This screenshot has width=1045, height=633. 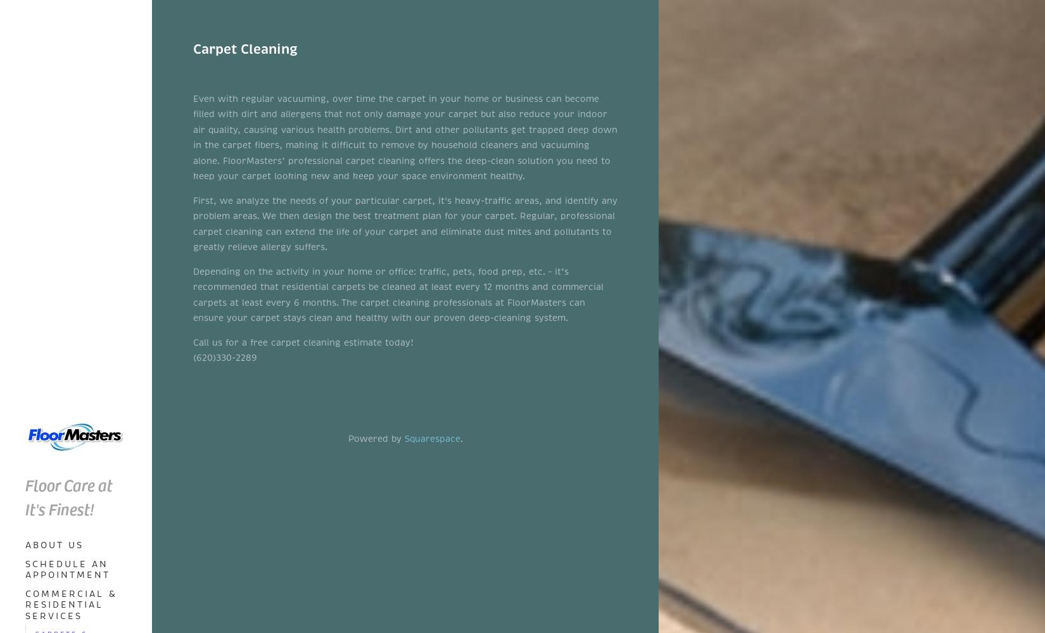 I want to click on 'First, we analyze the needs of your particular carpet, it's heavy-traffic areas, and identify any problem areas. We then design the best treatment plan for your carpet. Regular, professional carpet cleaning can extend the life of your carpet and eliminate dust mites and pollutants to greatly relieve allergy suffers.', so click(x=405, y=223).